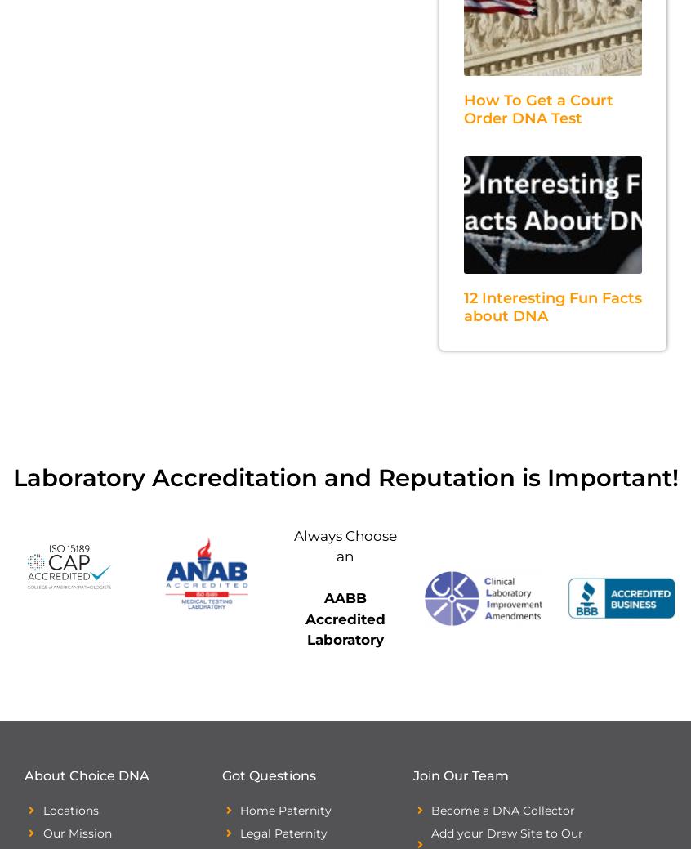  I want to click on 'Got Questions', so click(267, 775).